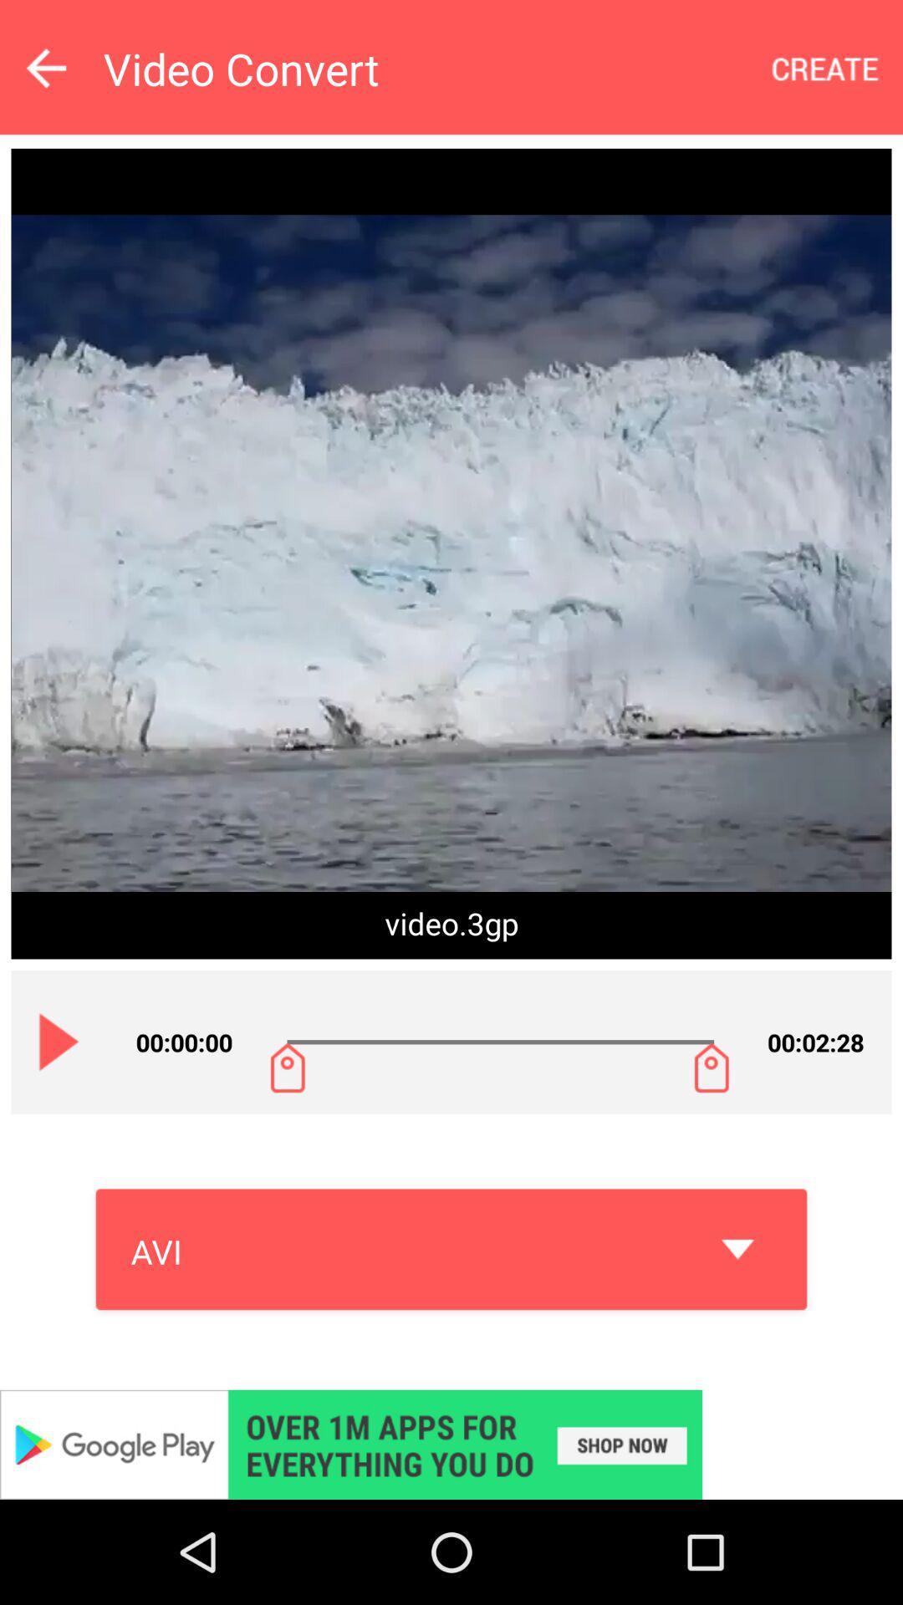  Describe the element at coordinates (451, 1444) in the screenshot. I see `advertisement` at that location.